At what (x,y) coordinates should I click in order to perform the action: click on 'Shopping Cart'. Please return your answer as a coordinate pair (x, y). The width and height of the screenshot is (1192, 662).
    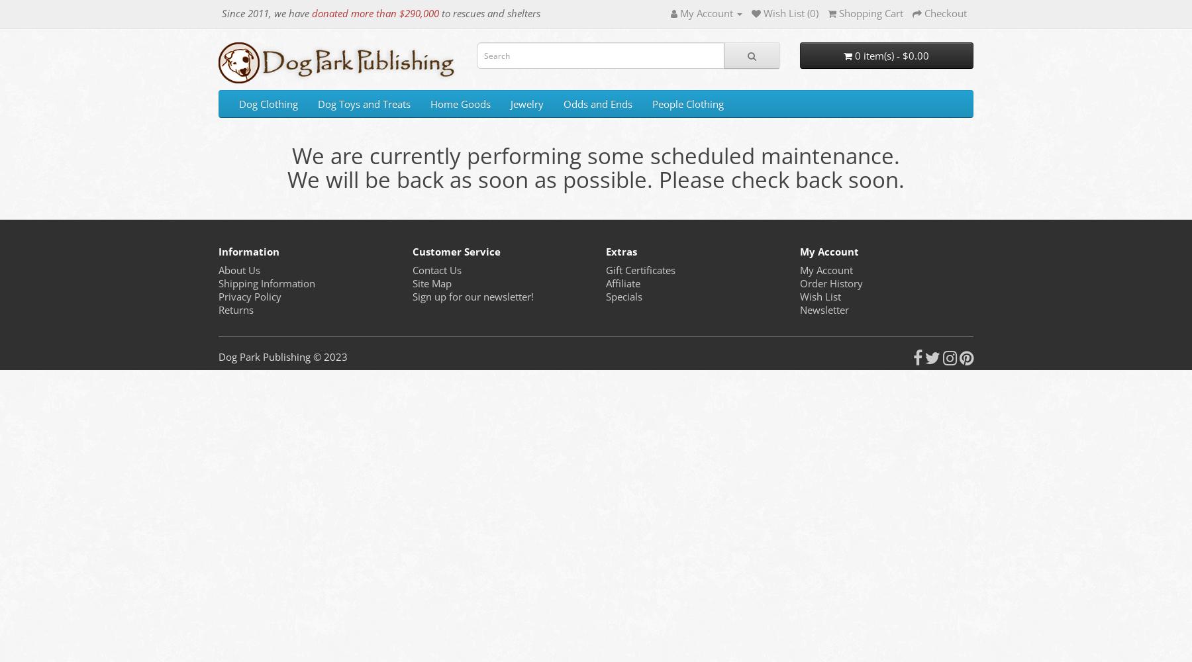
    Looking at the image, I should click on (839, 13).